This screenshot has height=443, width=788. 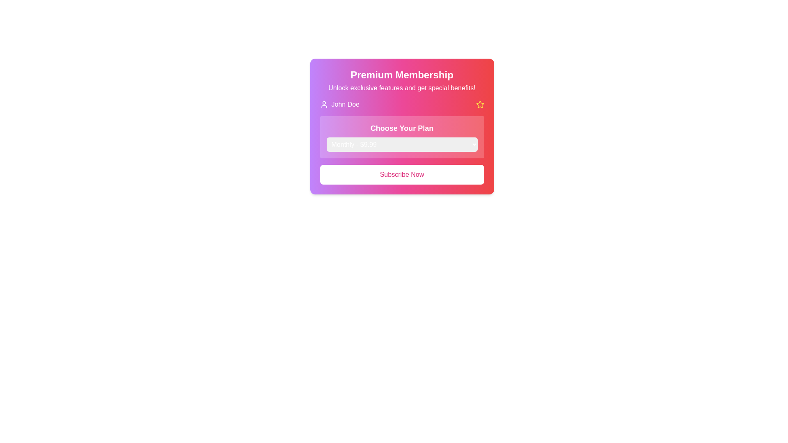 I want to click on the enticing description text label that promotes the benefits of a premium membership, located directly beneath the 'Premium Membership' heading, so click(x=402, y=88).